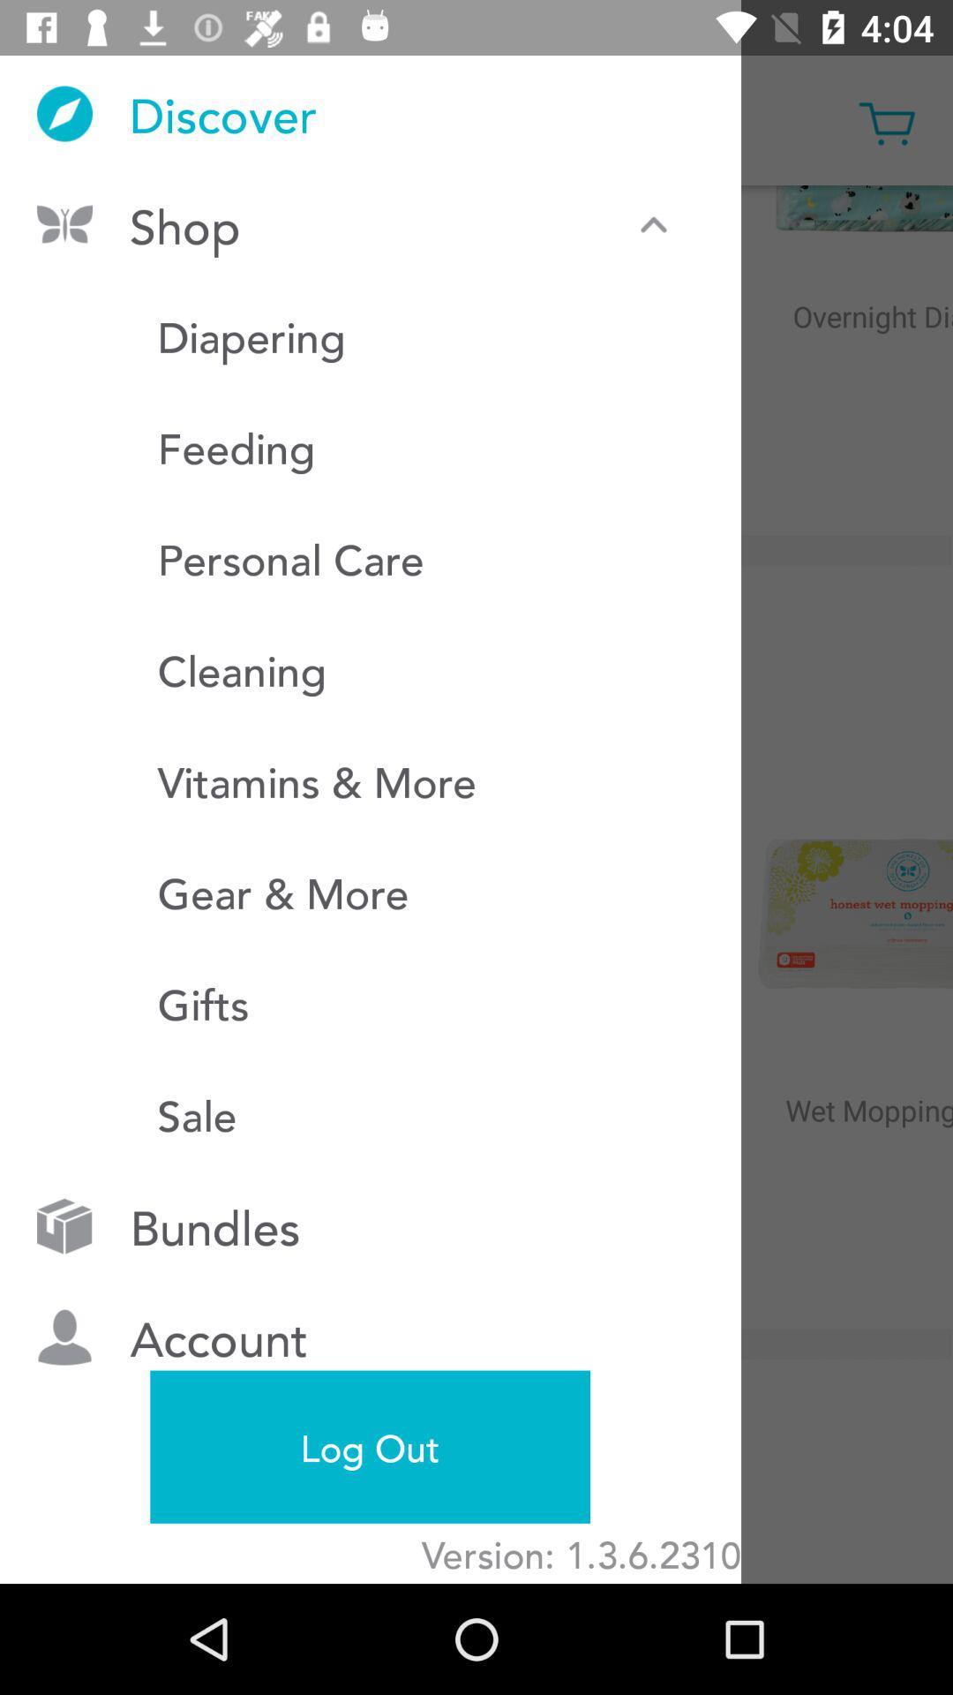 Image resolution: width=953 pixels, height=1695 pixels. I want to click on the text overnight di, so click(844, 353).